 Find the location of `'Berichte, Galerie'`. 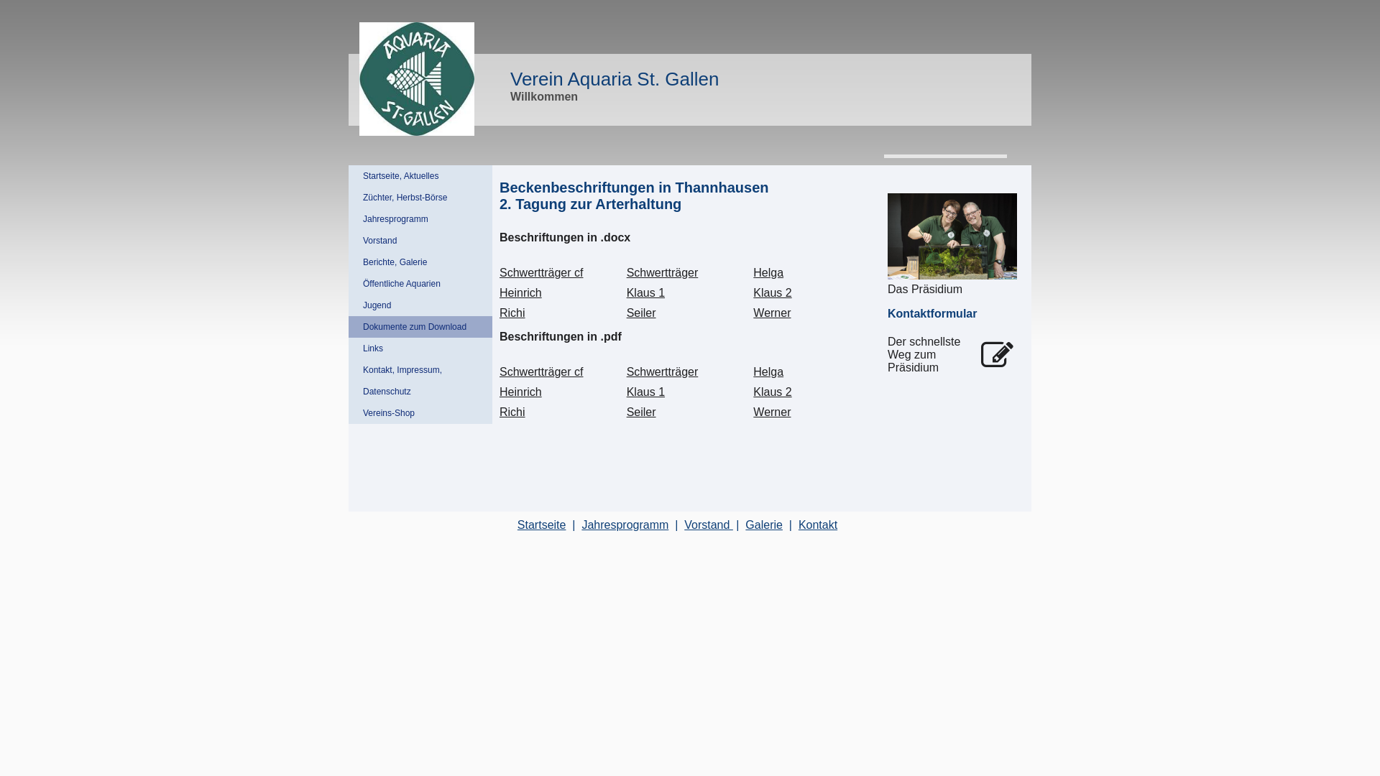

'Berichte, Galerie' is located at coordinates (420, 262).